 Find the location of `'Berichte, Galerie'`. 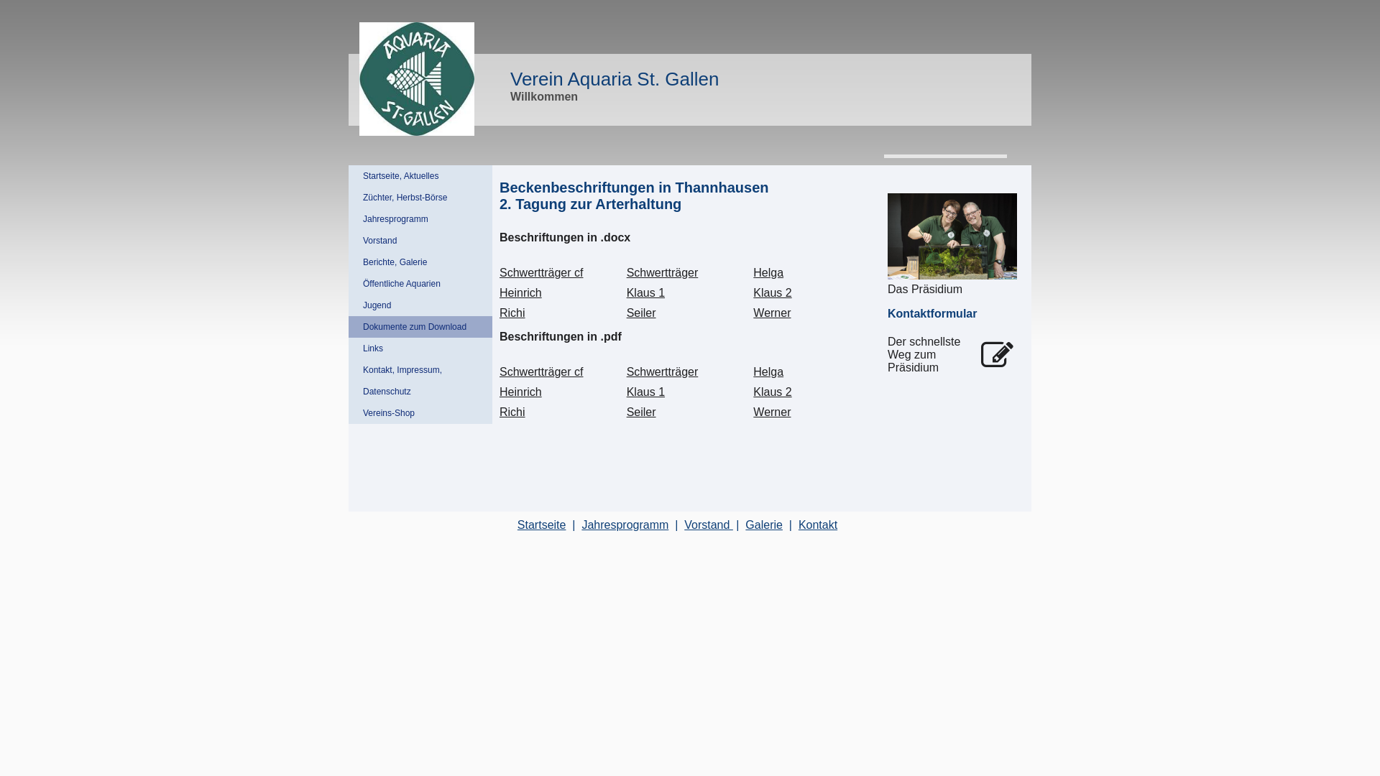

'Berichte, Galerie' is located at coordinates (420, 262).